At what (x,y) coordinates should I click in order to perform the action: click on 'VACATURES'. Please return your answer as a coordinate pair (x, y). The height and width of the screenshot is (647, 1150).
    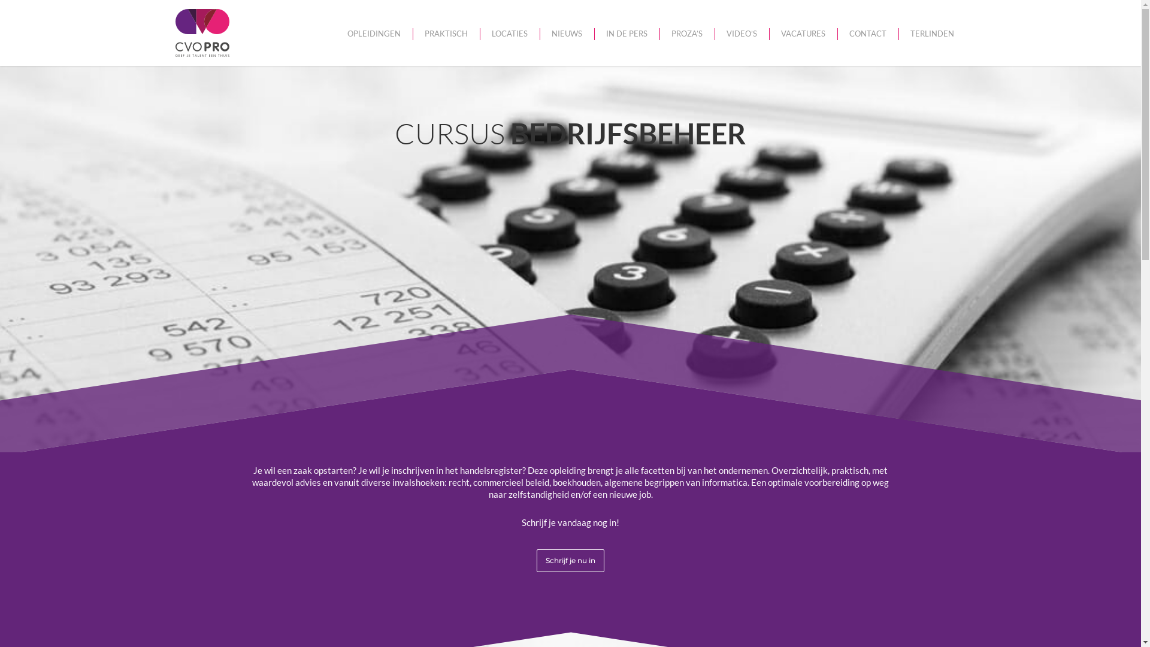
    Looking at the image, I should click on (768, 32).